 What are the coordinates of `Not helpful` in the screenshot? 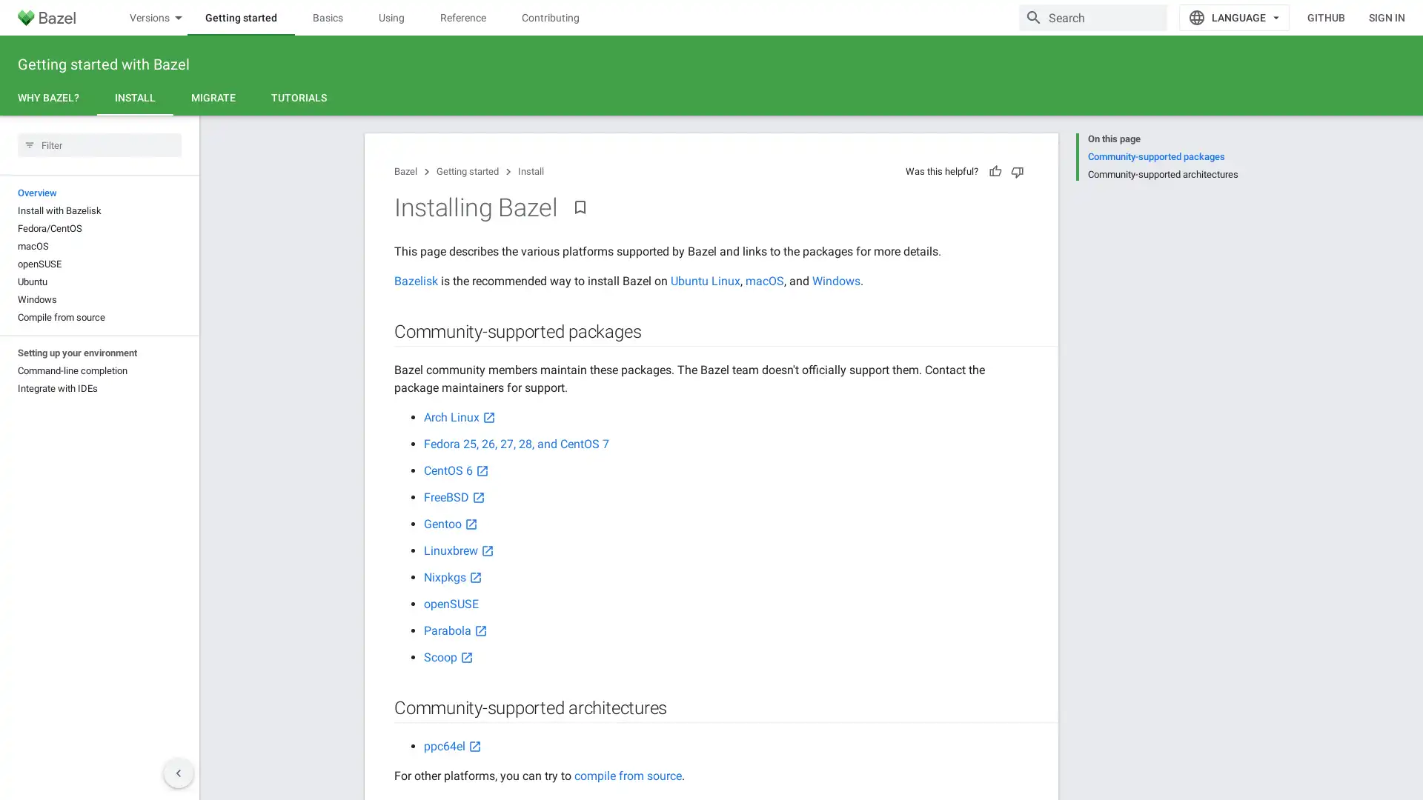 It's located at (1016, 170).